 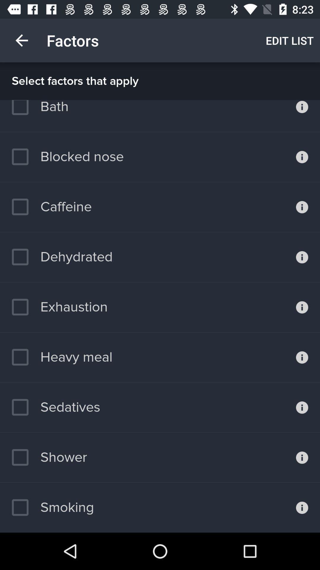 What do you see at coordinates (302, 157) in the screenshot?
I see `information` at bounding box center [302, 157].